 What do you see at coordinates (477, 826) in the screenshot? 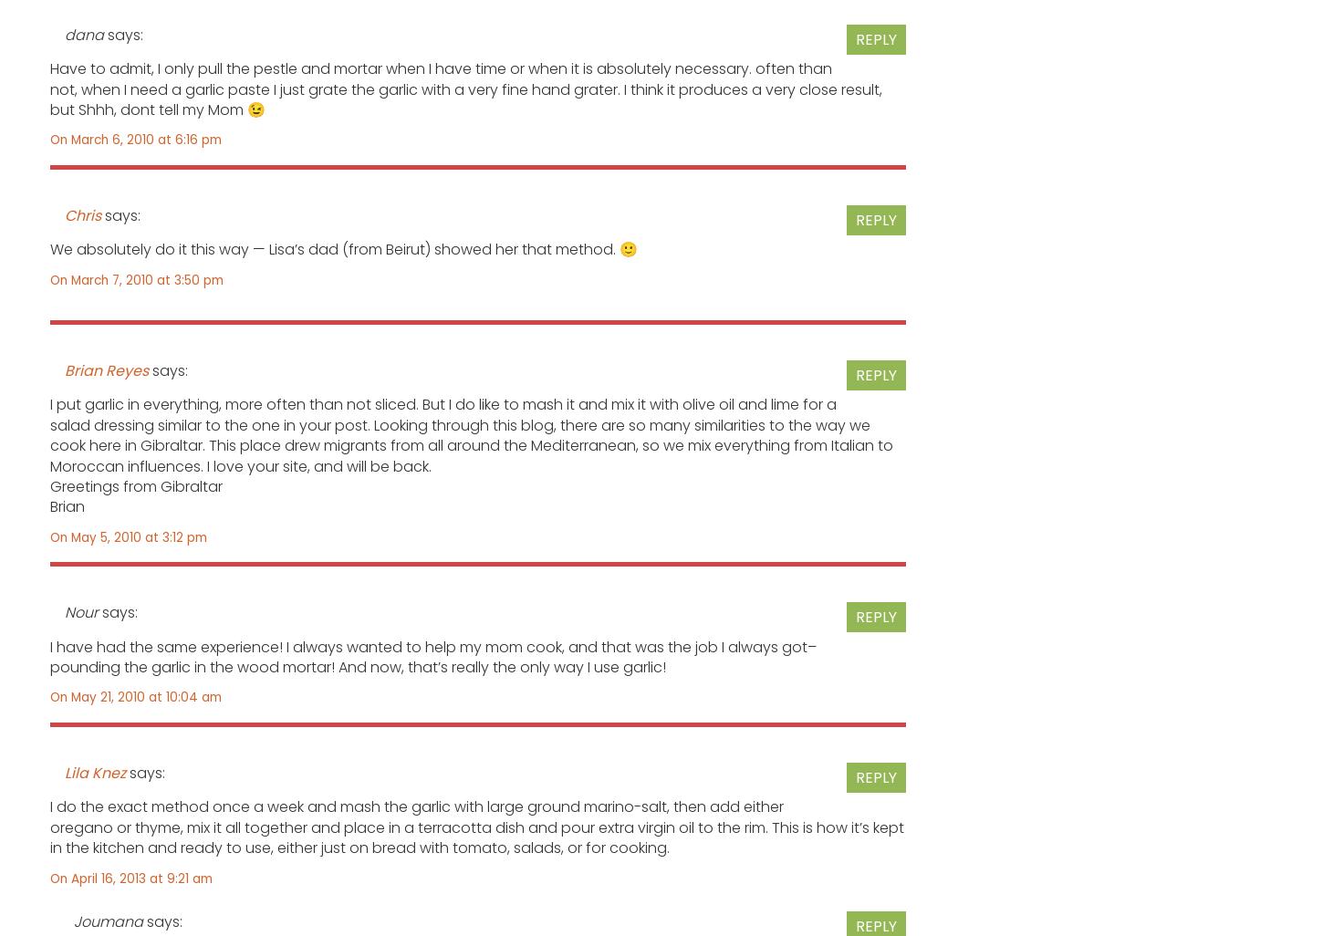
I see `'I do the exact method once a week and mash the garlic with large ground marino-salt, then add either oregano or thyme, mix it all together and place in a terracotta dish and pour extra virgin oil to the rim. This is how it’s kept in the kitchen and ready to use, either just on bread with tomato, salads, or for cooking.'` at bounding box center [477, 826].